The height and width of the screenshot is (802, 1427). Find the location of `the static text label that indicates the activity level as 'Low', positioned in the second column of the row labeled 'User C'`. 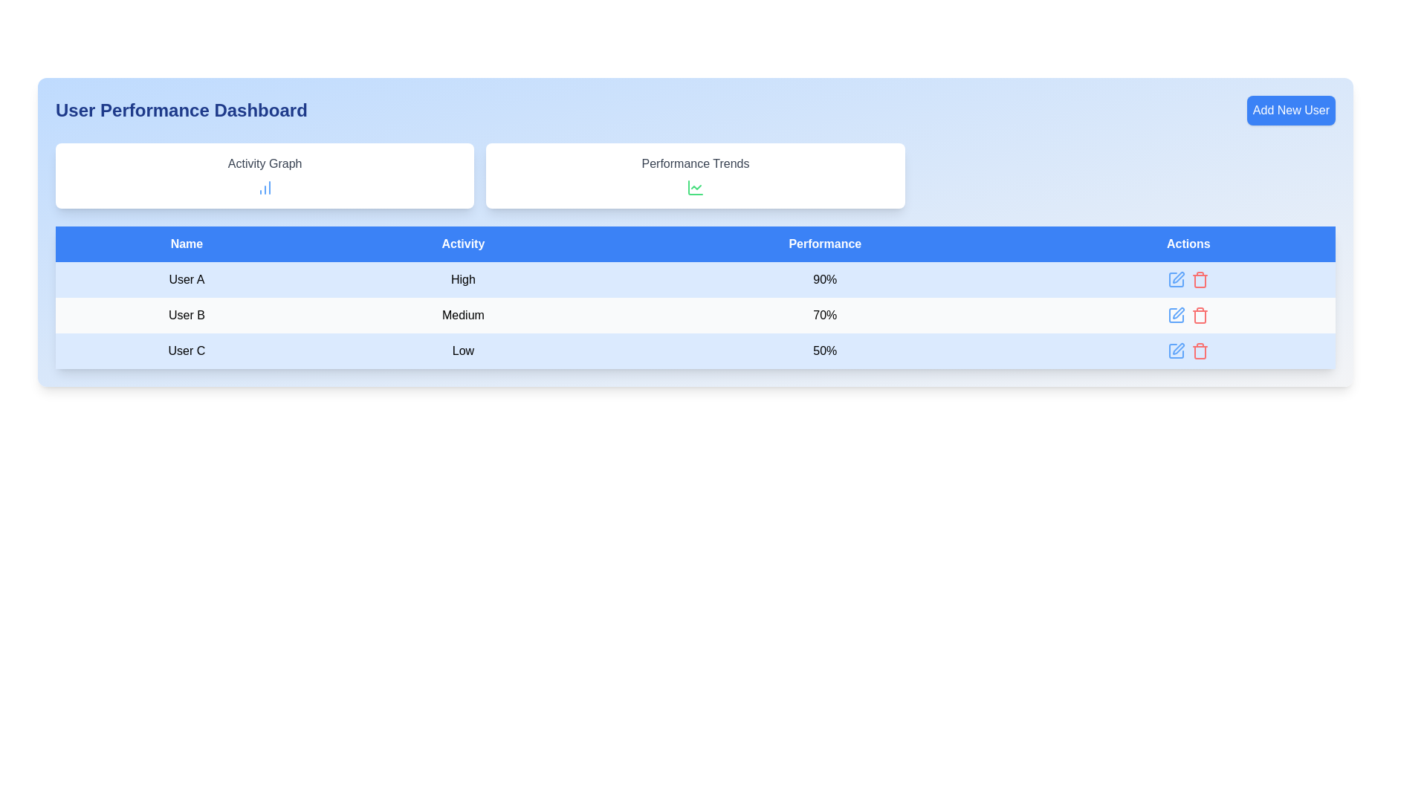

the static text label that indicates the activity level as 'Low', positioned in the second column of the row labeled 'User C' is located at coordinates (462, 351).